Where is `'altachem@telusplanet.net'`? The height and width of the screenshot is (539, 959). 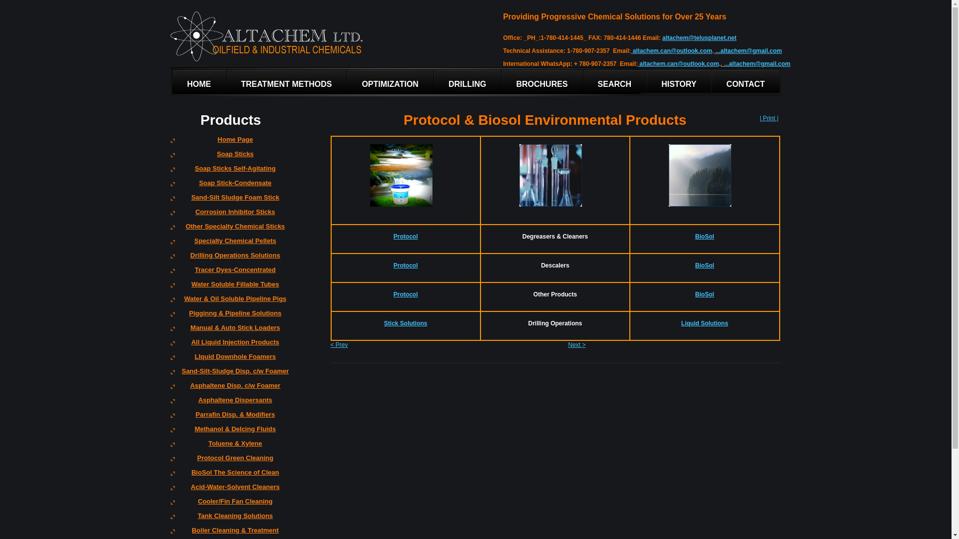 'altachem@telusplanet.net' is located at coordinates (662, 37).